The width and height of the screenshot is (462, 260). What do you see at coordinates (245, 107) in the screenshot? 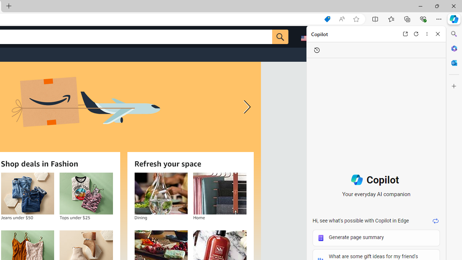
I see `'Next slide'` at bounding box center [245, 107].